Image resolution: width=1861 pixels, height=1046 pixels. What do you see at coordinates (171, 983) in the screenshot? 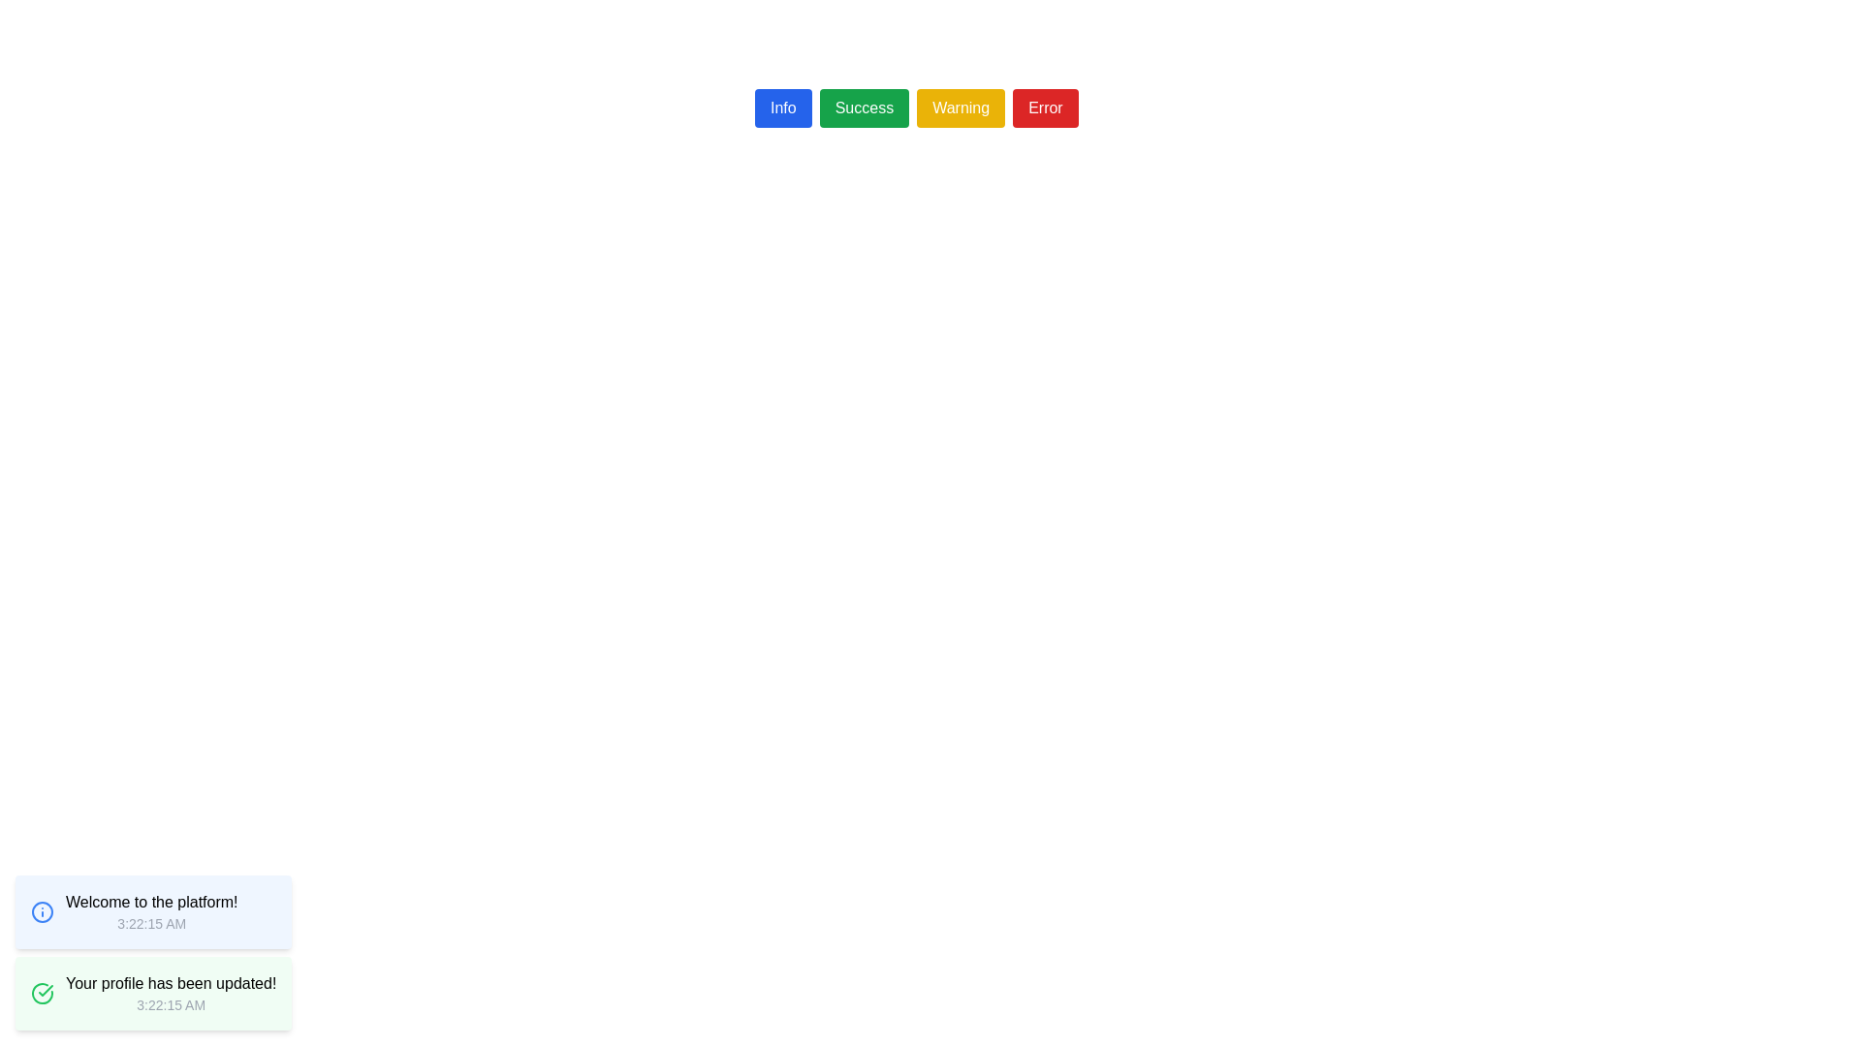
I see `the text label in the green notification box at the bottom-left region to check interaction for the message indicating that the profile has been successfully updated` at bounding box center [171, 983].